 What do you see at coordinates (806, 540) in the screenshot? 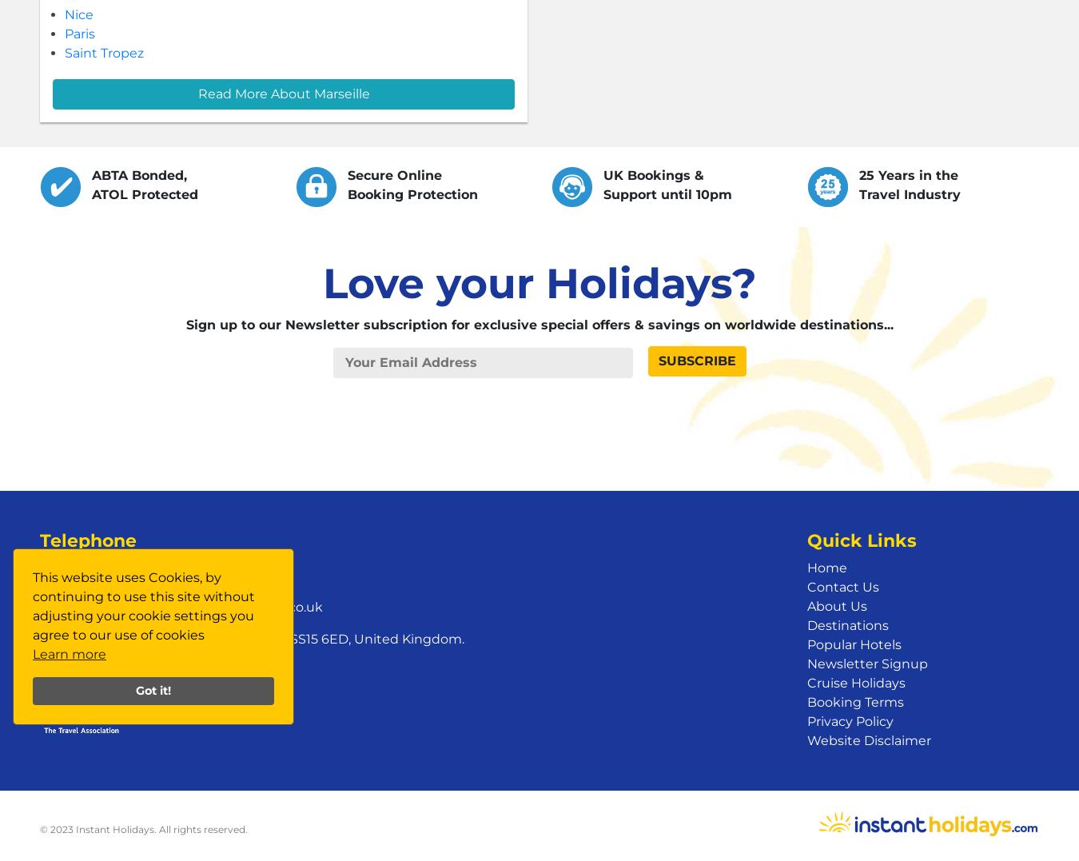
I see `'Quick Links'` at bounding box center [806, 540].